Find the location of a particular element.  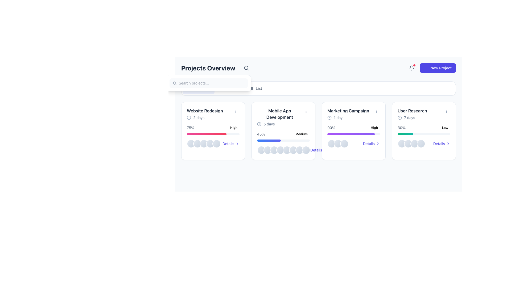

text in the Informational Header titled 'User Research' located in the top-right corner of the fourth card from the left is located at coordinates (424, 113).